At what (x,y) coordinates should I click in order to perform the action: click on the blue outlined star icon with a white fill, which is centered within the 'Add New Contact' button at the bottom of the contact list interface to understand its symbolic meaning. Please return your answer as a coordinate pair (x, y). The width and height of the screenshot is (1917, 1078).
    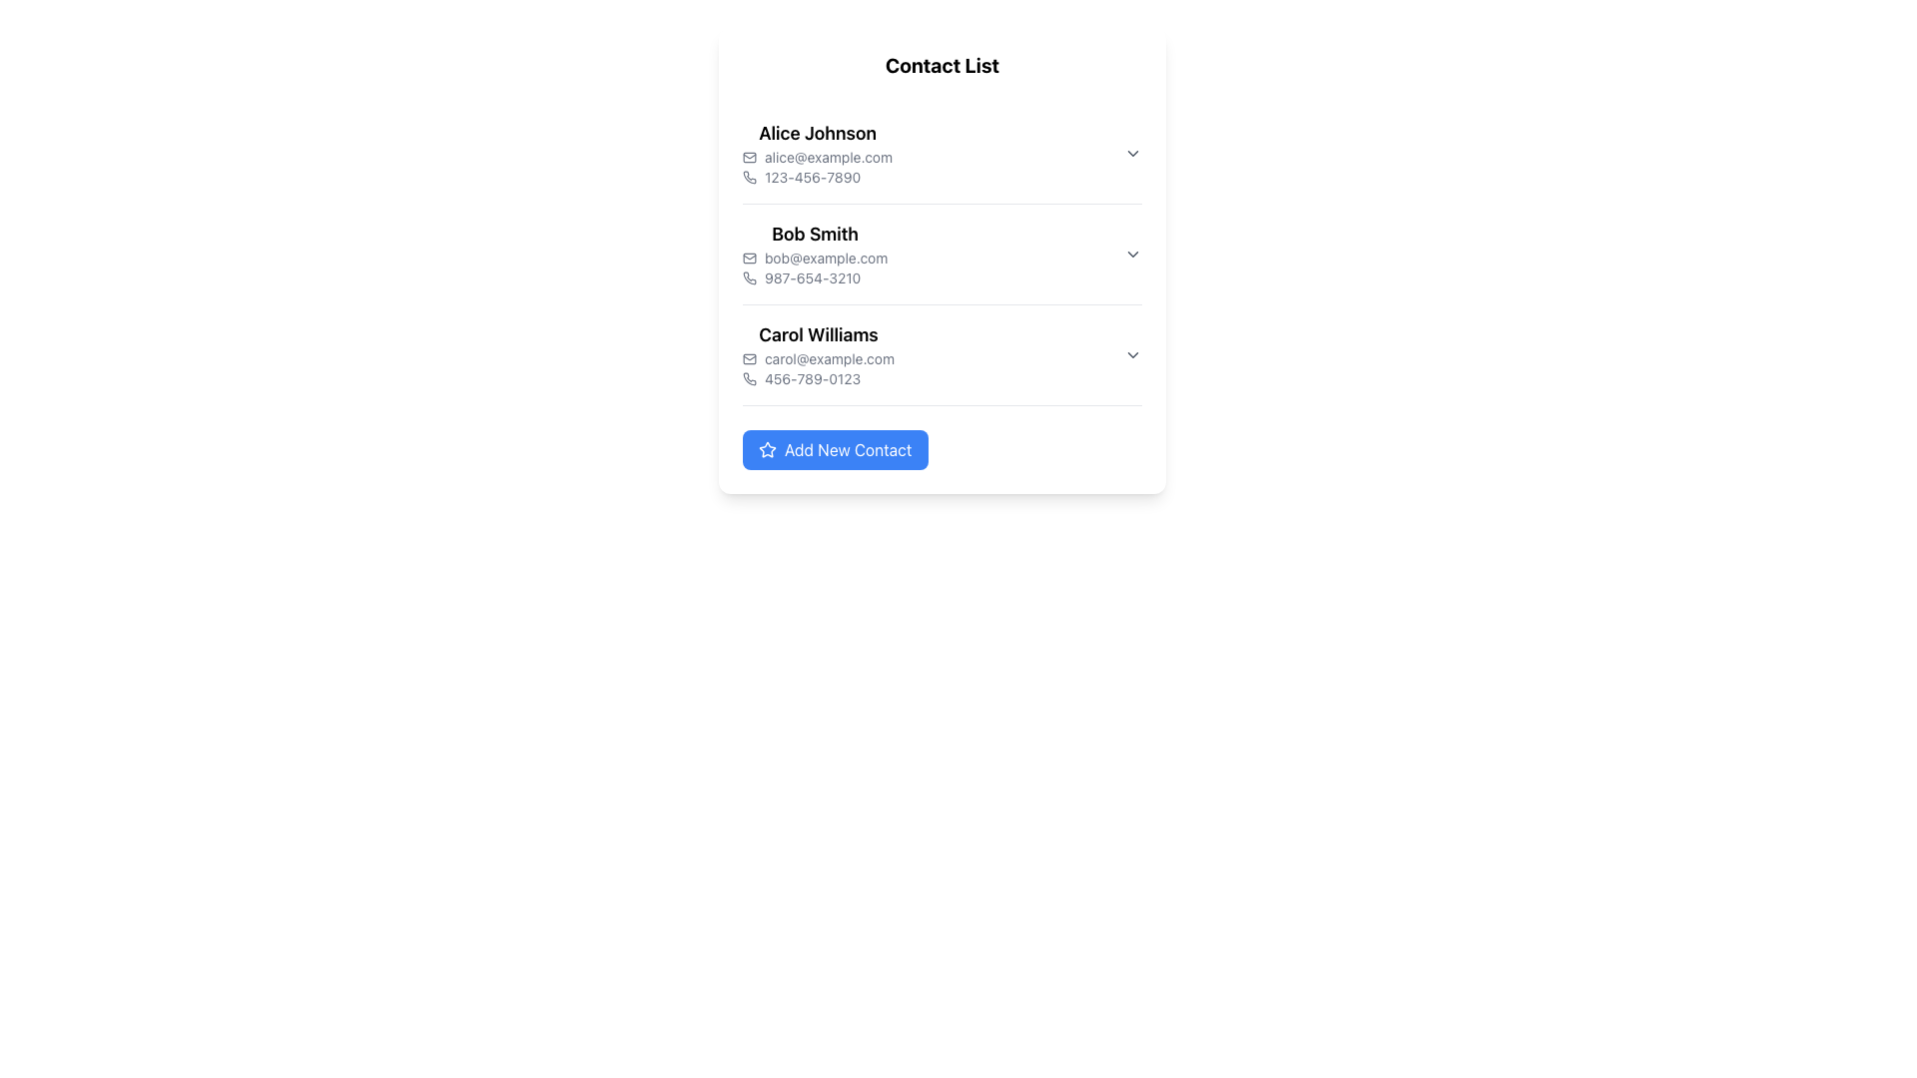
    Looking at the image, I should click on (766, 449).